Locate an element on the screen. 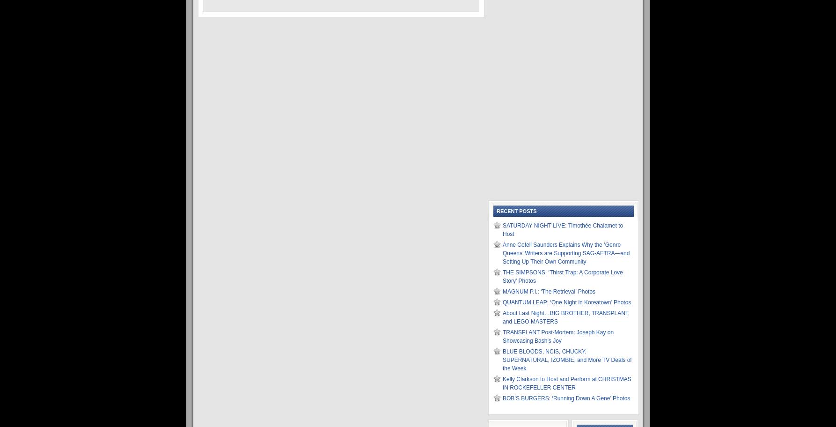 The width and height of the screenshot is (836, 427). 'Recent Posts' is located at coordinates (496, 210).